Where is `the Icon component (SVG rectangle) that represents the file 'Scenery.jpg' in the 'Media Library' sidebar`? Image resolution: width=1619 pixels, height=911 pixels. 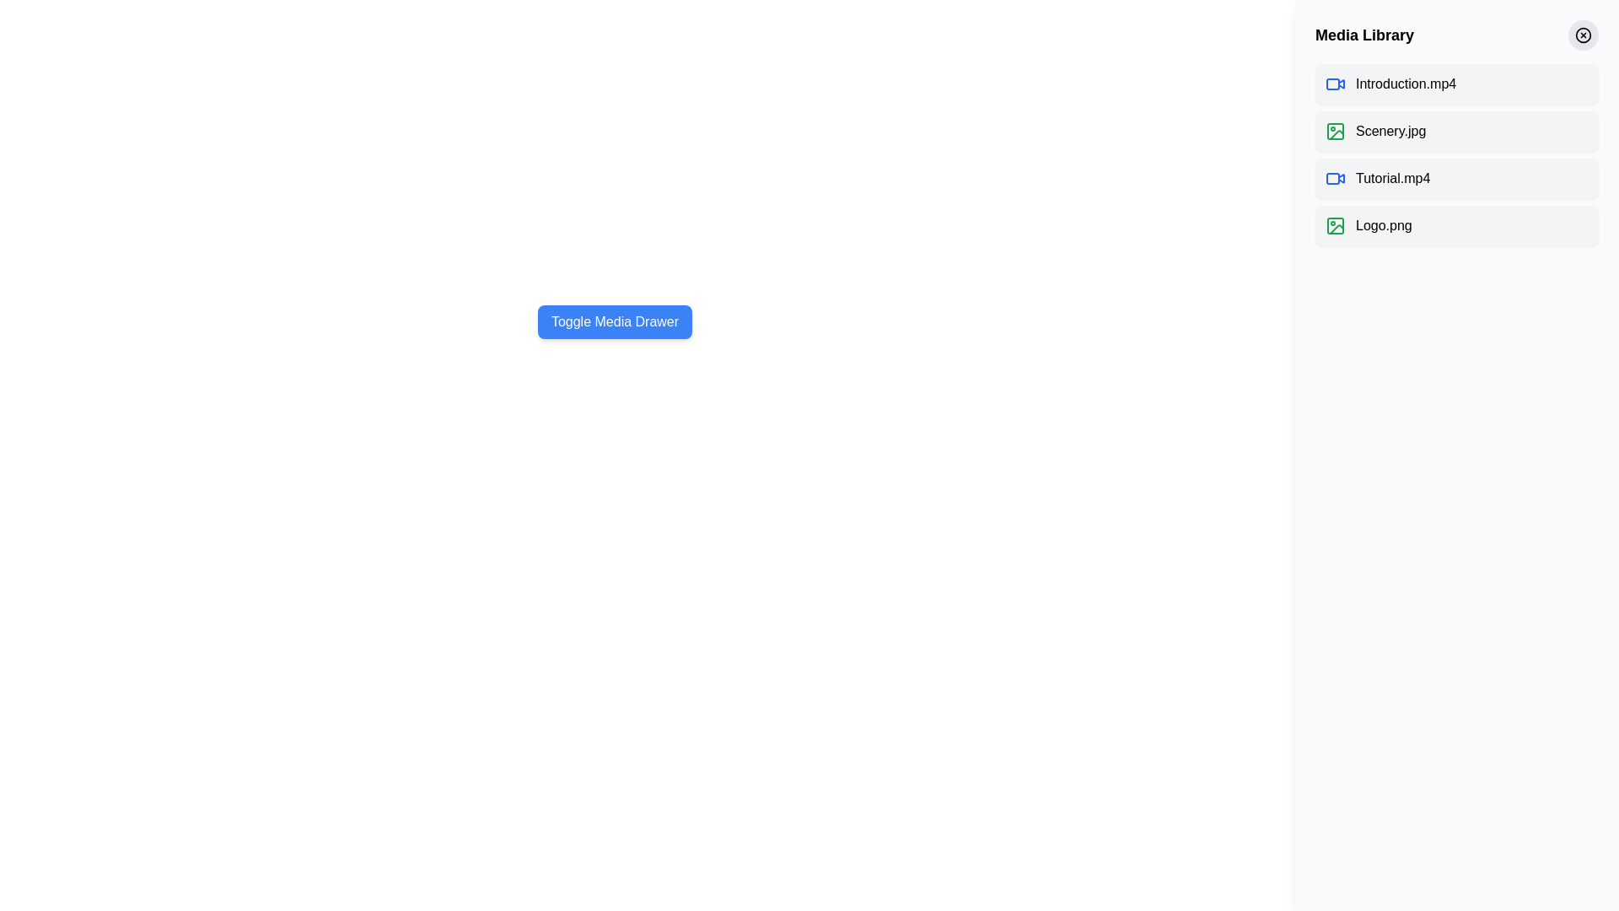
the Icon component (SVG rectangle) that represents the file 'Scenery.jpg' in the 'Media Library' sidebar is located at coordinates (1335, 130).